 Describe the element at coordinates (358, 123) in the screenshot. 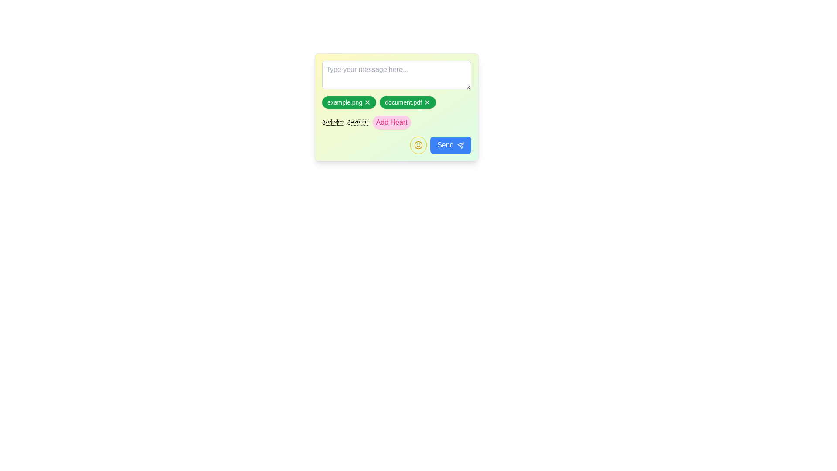

I see `the thumbs-up icon, which is the second element in a horizontal alignment of icons, positioned between a smiling emoji and an 'Add Heart' button` at that location.